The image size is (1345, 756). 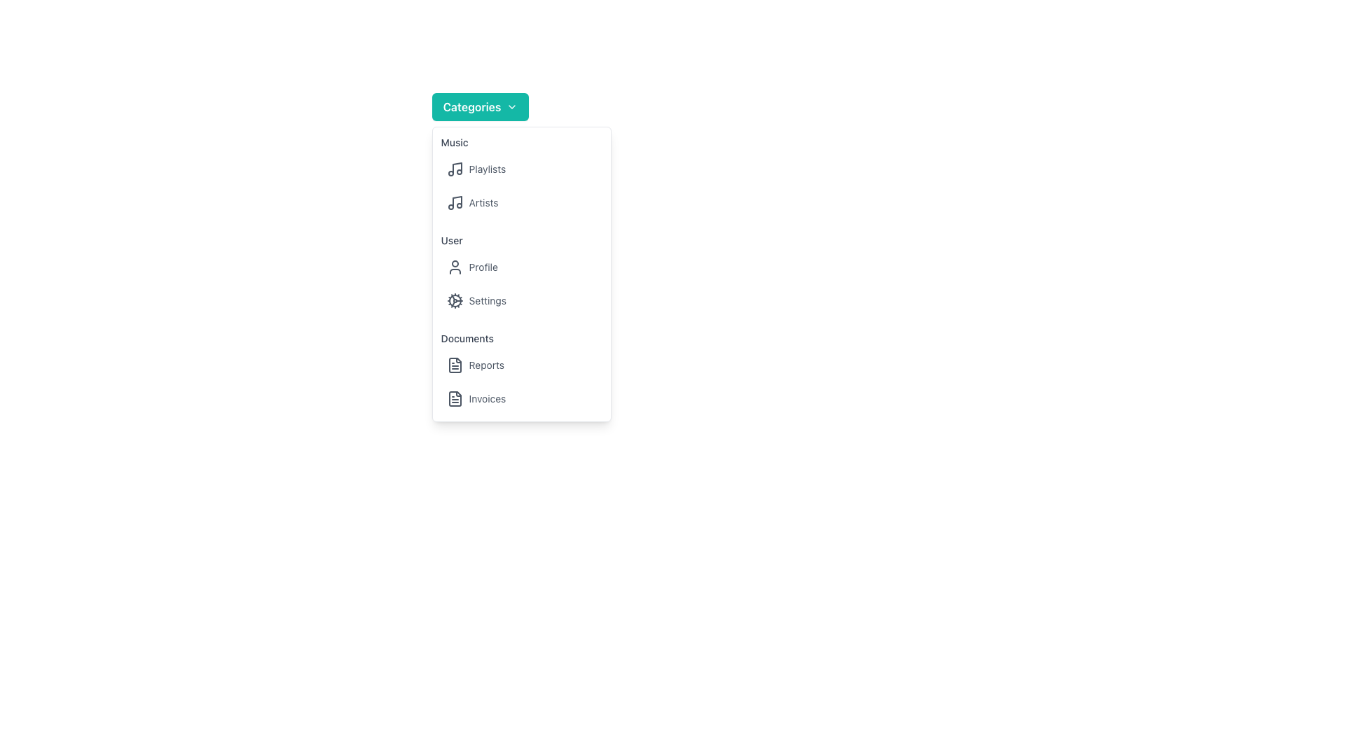 What do you see at coordinates (455, 364) in the screenshot?
I see `the decorative icon for the 'Reports' menu item located within the 'Documents' section of the dropdown menu` at bounding box center [455, 364].